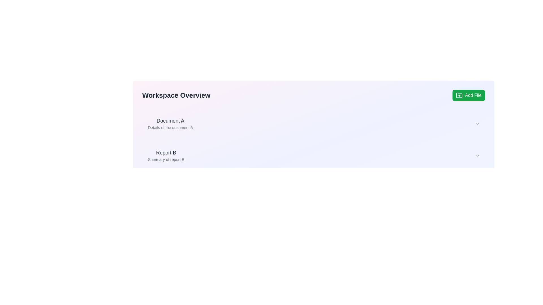  What do you see at coordinates (170, 123) in the screenshot?
I see `the Text block representing 'Document A'` at bounding box center [170, 123].